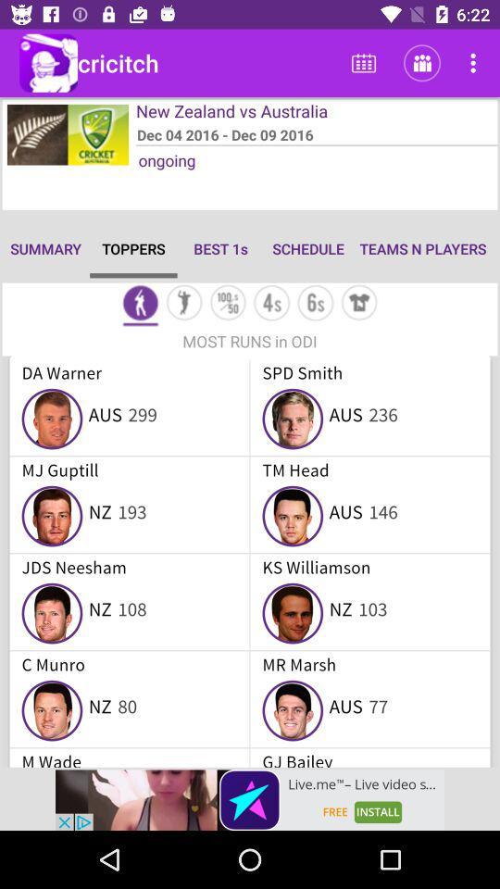 This screenshot has width=500, height=889. I want to click on install, so click(250, 799).